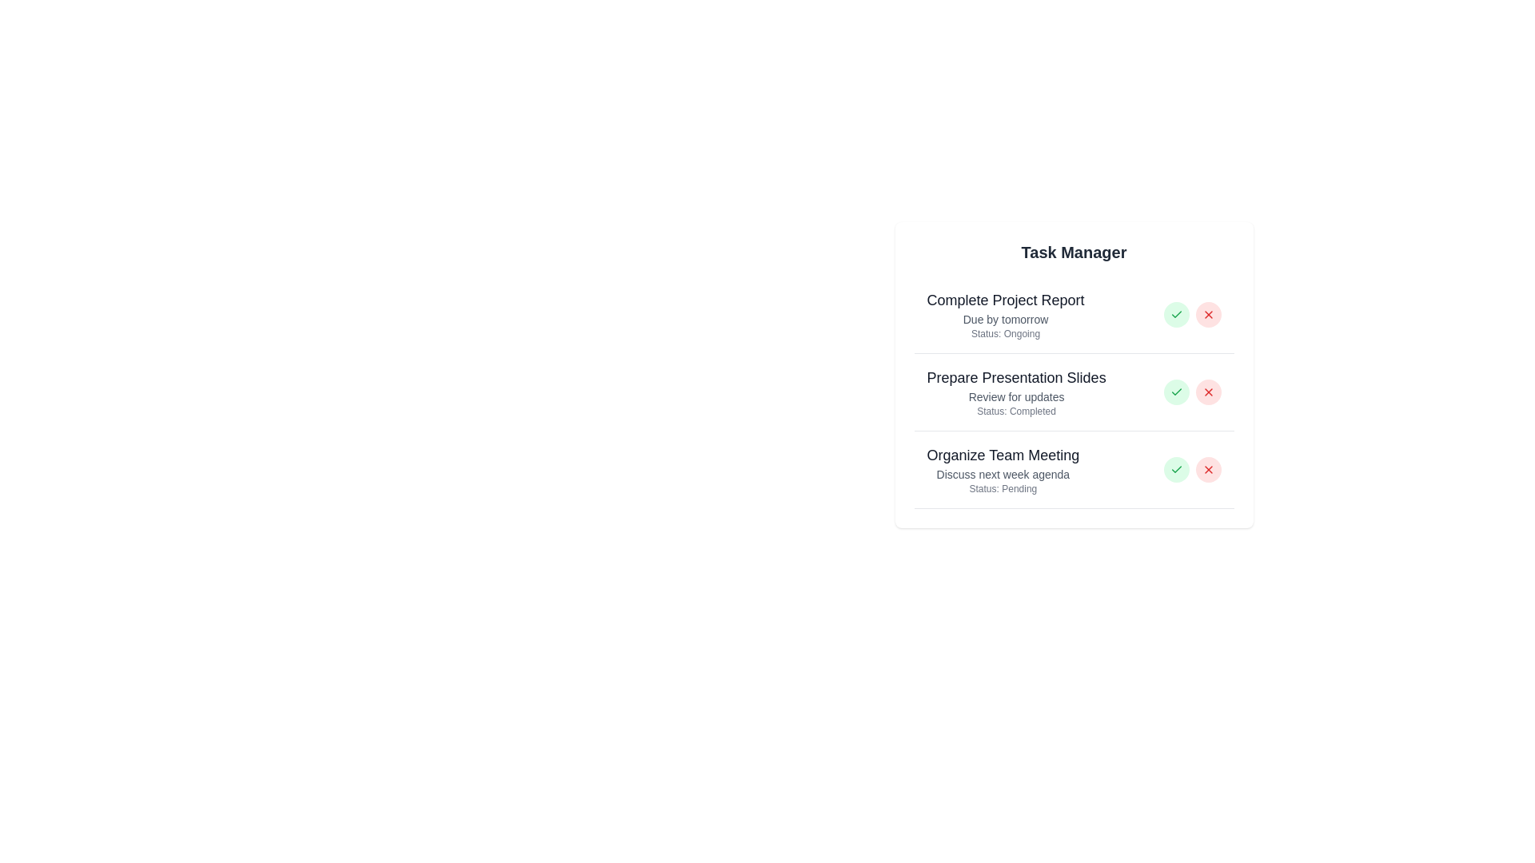  What do you see at coordinates (1004, 314) in the screenshot?
I see `the Static text block displaying task information, located beneath the 'Task Manager' header` at bounding box center [1004, 314].